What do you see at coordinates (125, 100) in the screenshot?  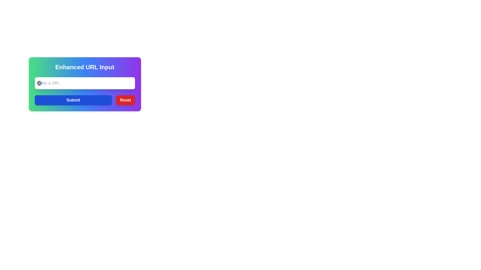 I see `the 'Reset' button with rounded corners and a red background, featuring bold white text, to reset settings` at bounding box center [125, 100].